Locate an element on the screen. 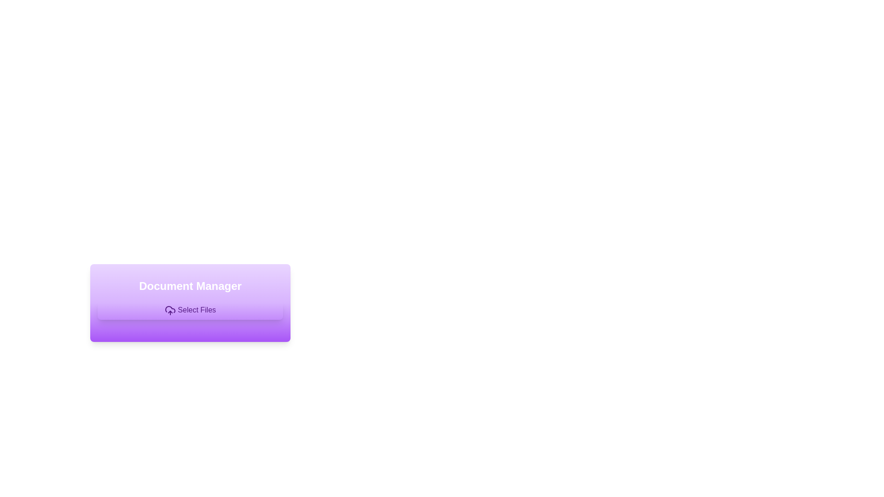 This screenshot has width=884, height=497. the 'Select Files' button within the document management card located in the centered modal window to initiate file selection is located at coordinates (190, 303).